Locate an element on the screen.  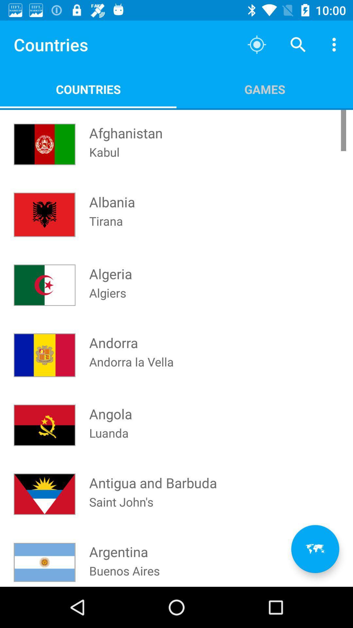
the saint john's icon is located at coordinates (121, 510).